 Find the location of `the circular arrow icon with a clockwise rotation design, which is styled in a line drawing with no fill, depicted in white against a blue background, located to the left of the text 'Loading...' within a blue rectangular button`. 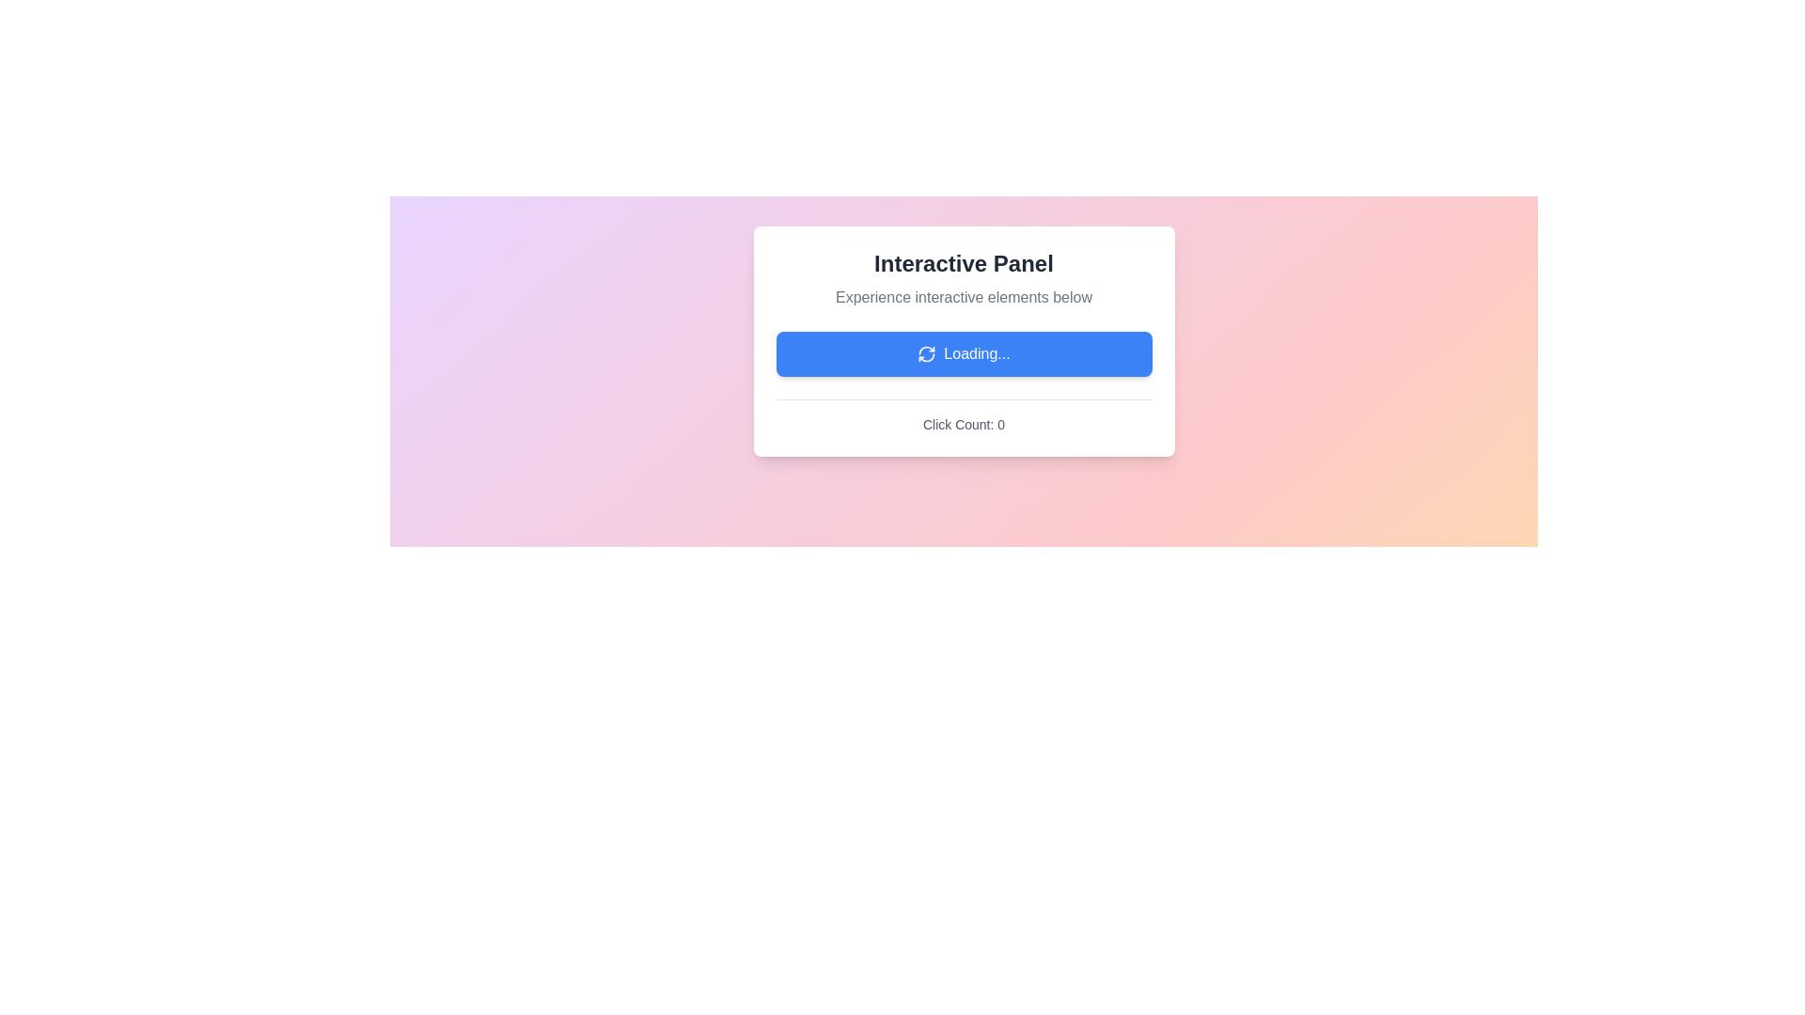

the circular arrow icon with a clockwise rotation design, which is styled in a line drawing with no fill, depicted in white against a blue background, located to the left of the text 'Loading...' within a blue rectangular button is located at coordinates (927, 354).